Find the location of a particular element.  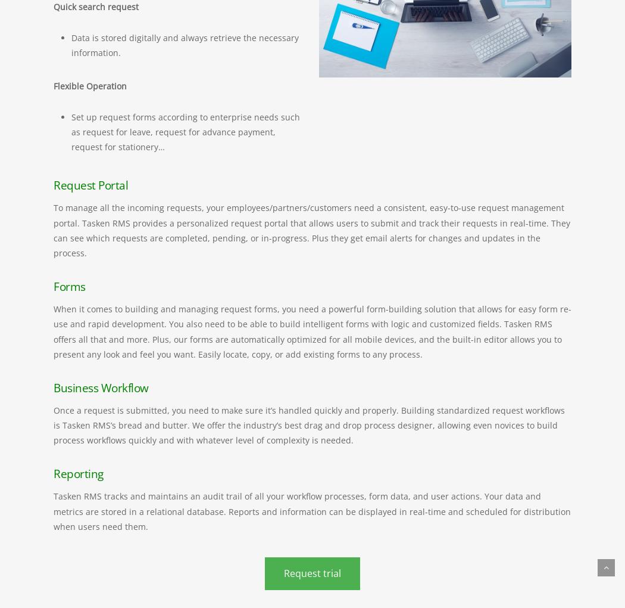

'Flexible Operation' is located at coordinates (90, 85).